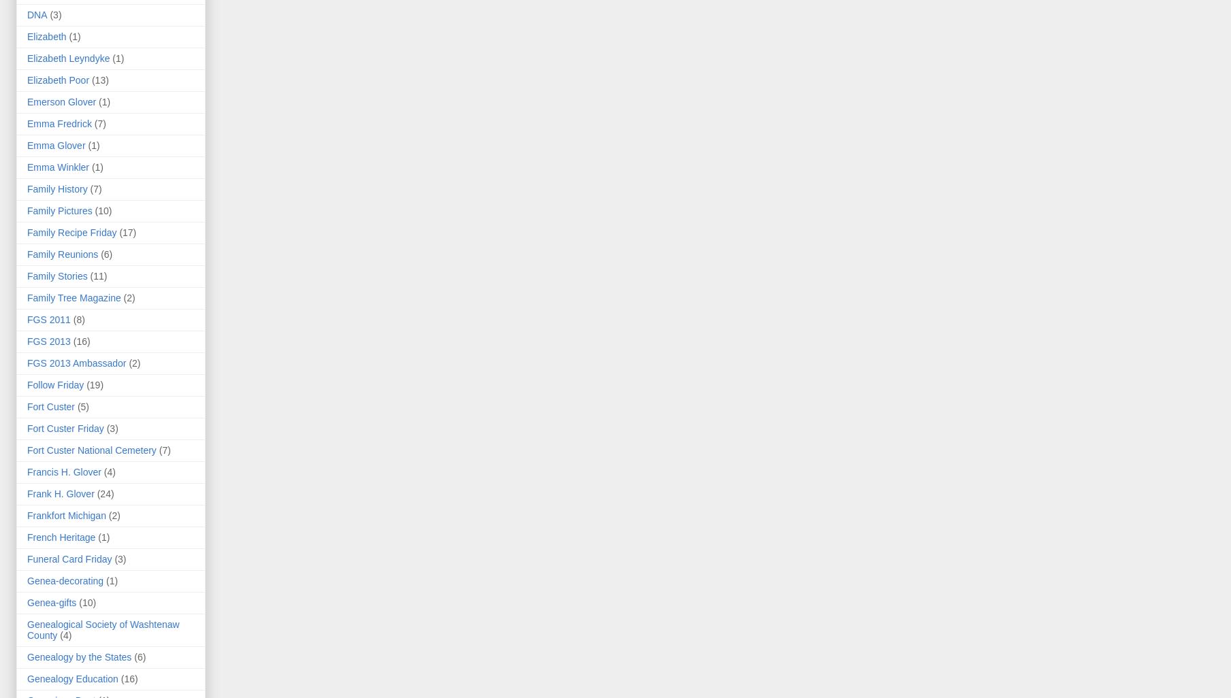 This screenshot has height=698, width=1231. Describe the element at coordinates (65, 581) in the screenshot. I see `'Genea-decorating'` at that location.